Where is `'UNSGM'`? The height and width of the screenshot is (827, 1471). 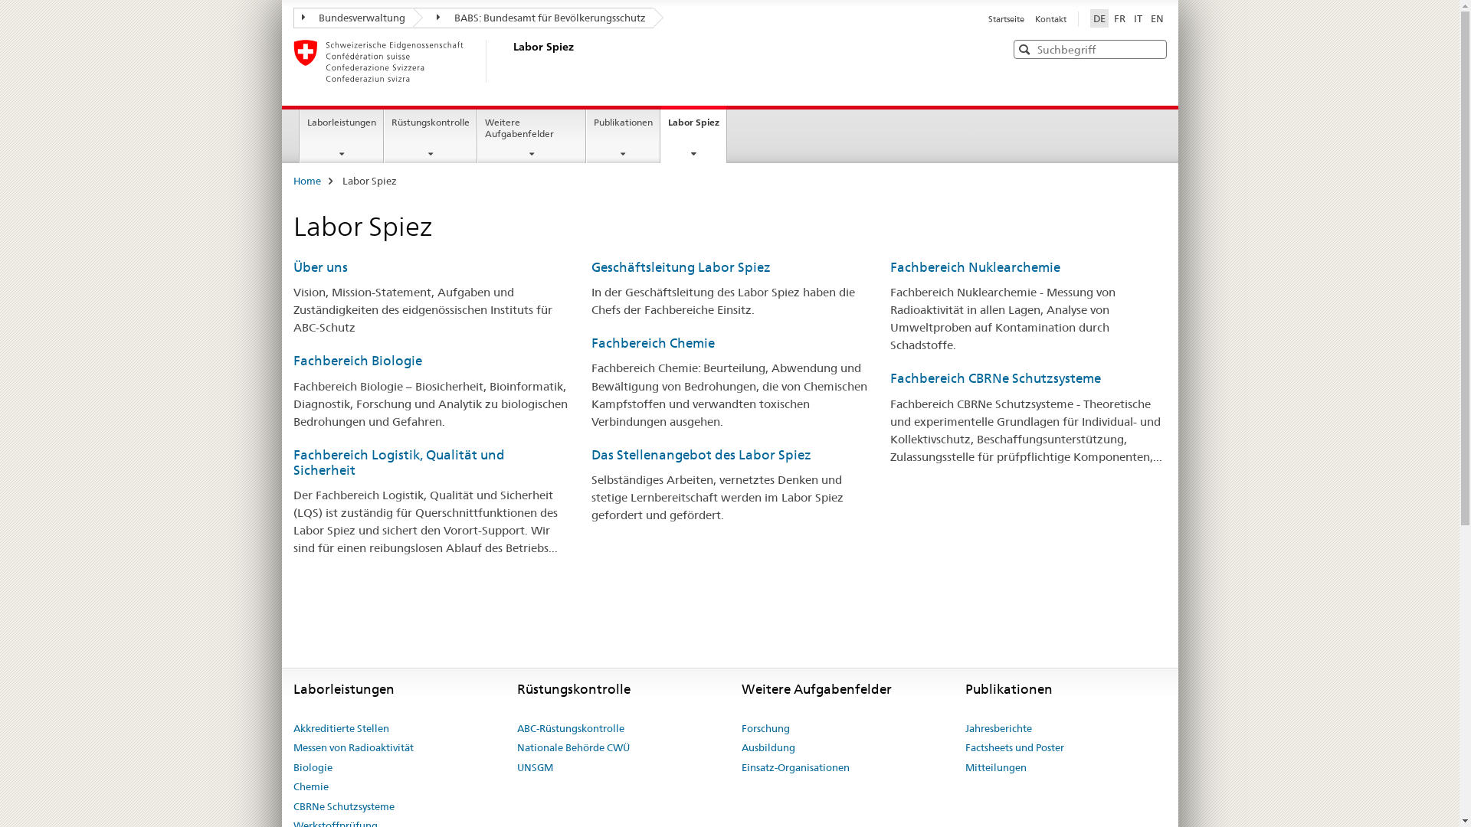
'UNSGM' is located at coordinates (535, 767).